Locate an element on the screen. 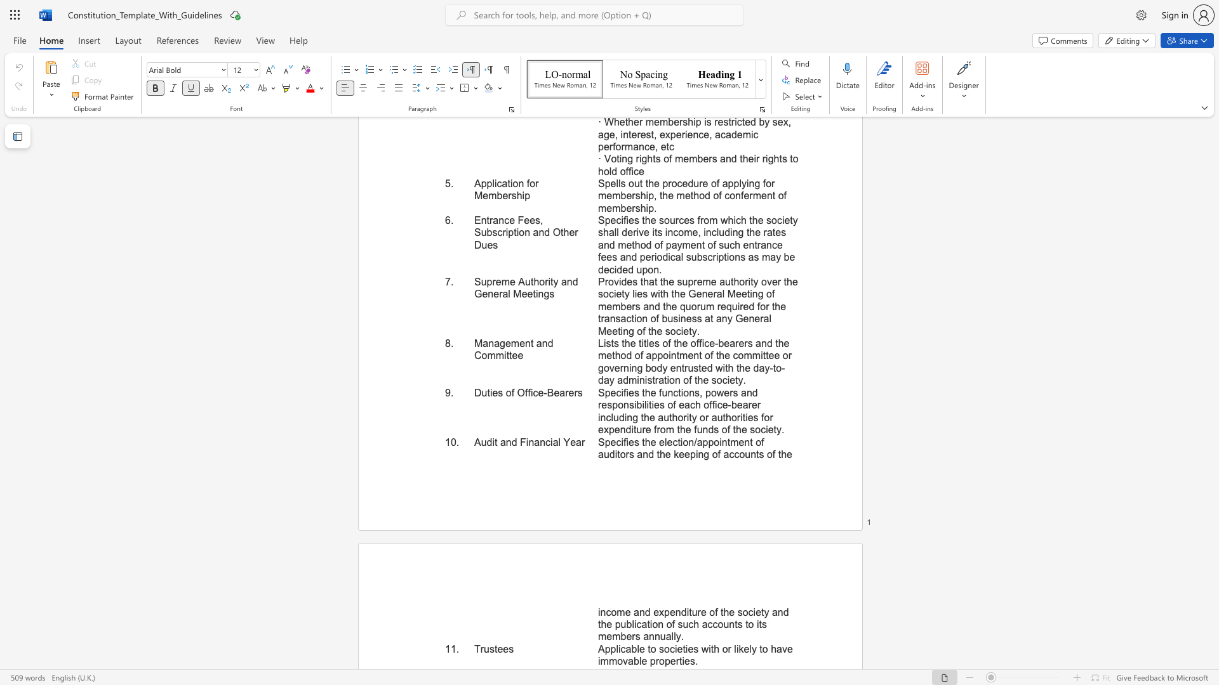  the subset text "of Office-Beare" within the text "Duties of Office-Bearers" is located at coordinates (505, 392).